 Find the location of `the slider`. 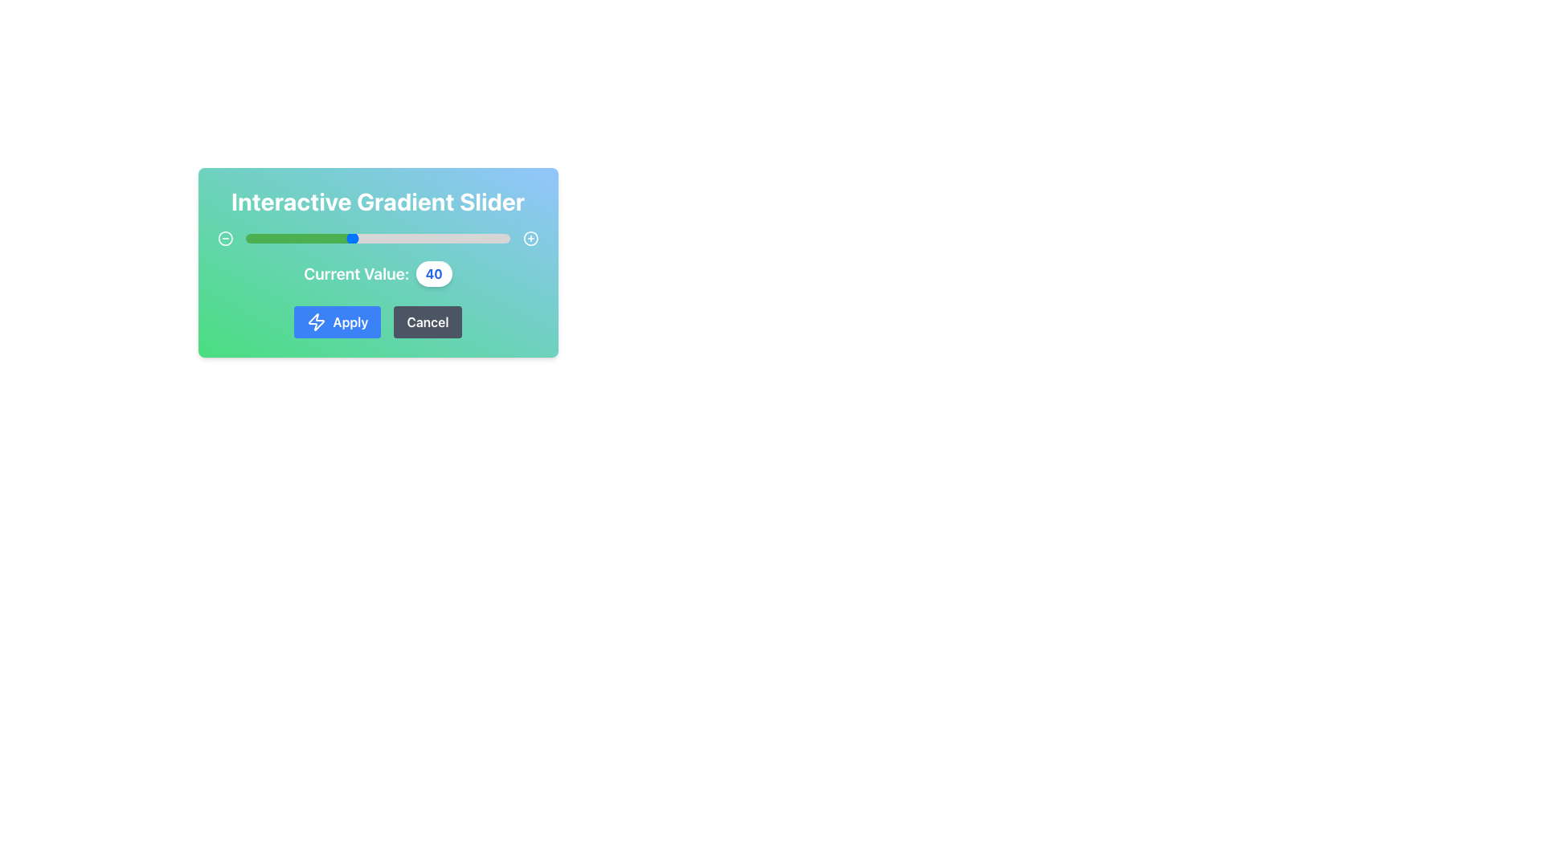

the slider is located at coordinates (374, 239).